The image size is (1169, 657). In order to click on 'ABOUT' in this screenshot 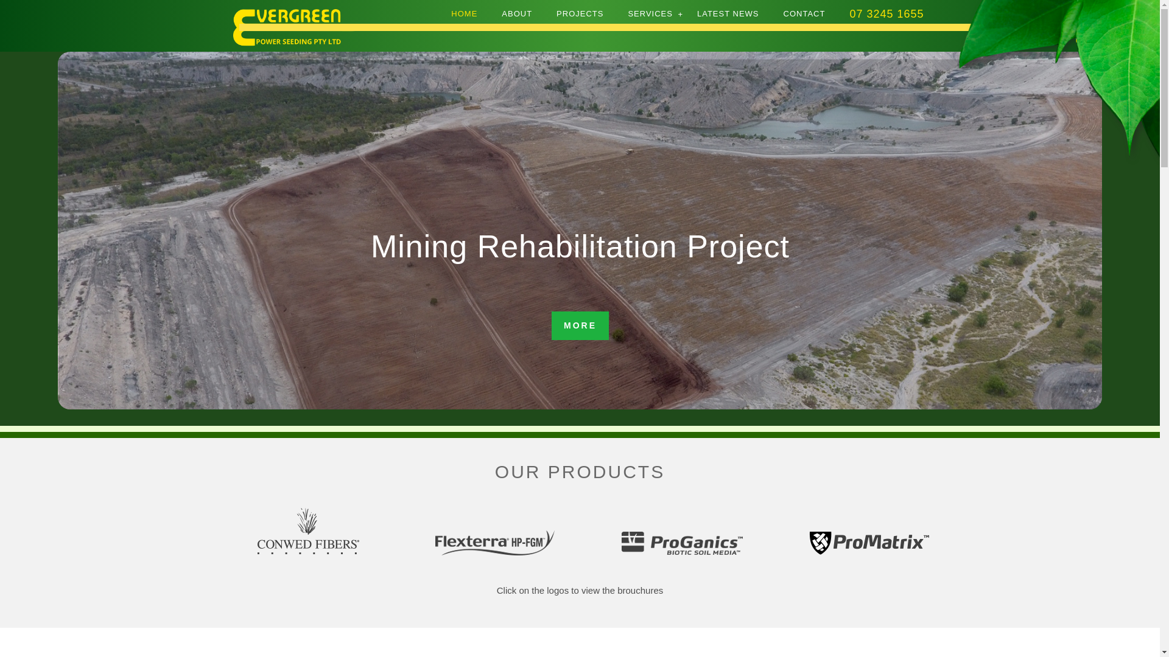, I will do `click(517, 14)`.